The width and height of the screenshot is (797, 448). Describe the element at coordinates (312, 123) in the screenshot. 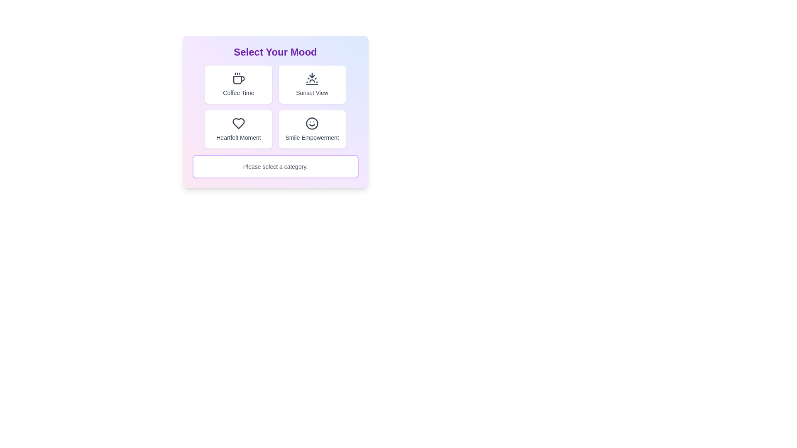

I see `the smiley-face icon in the bottom-right card of the four-card grid` at that location.